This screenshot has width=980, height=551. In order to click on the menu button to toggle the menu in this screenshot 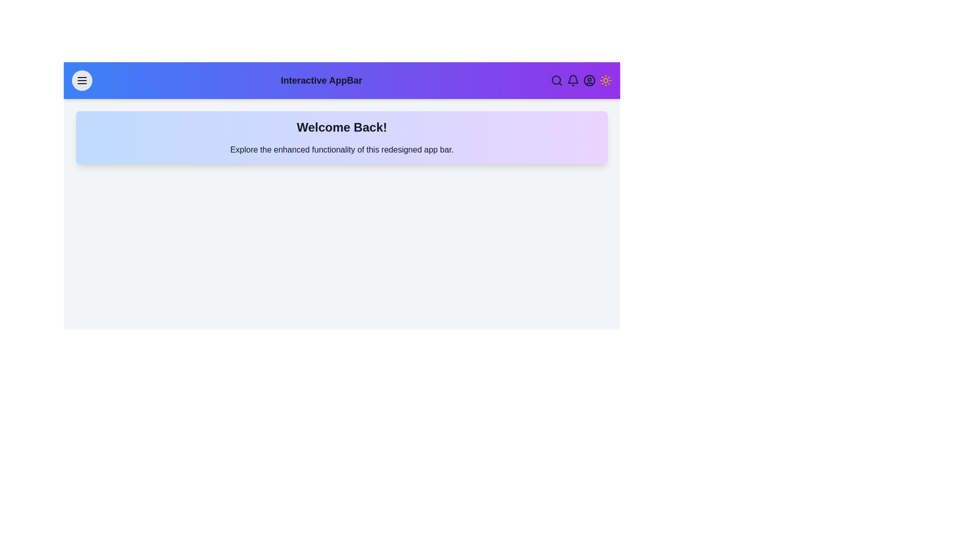, I will do `click(82, 80)`.